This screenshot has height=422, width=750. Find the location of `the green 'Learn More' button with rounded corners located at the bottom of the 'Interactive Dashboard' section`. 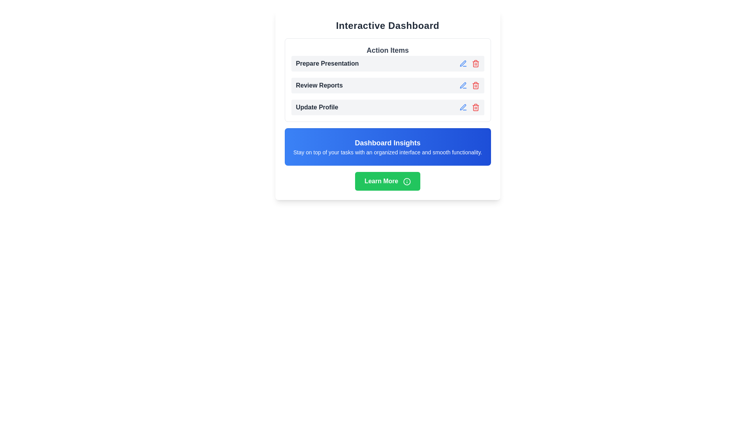

the green 'Learn More' button with rounded corners located at the bottom of the 'Interactive Dashboard' section is located at coordinates (387, 181).